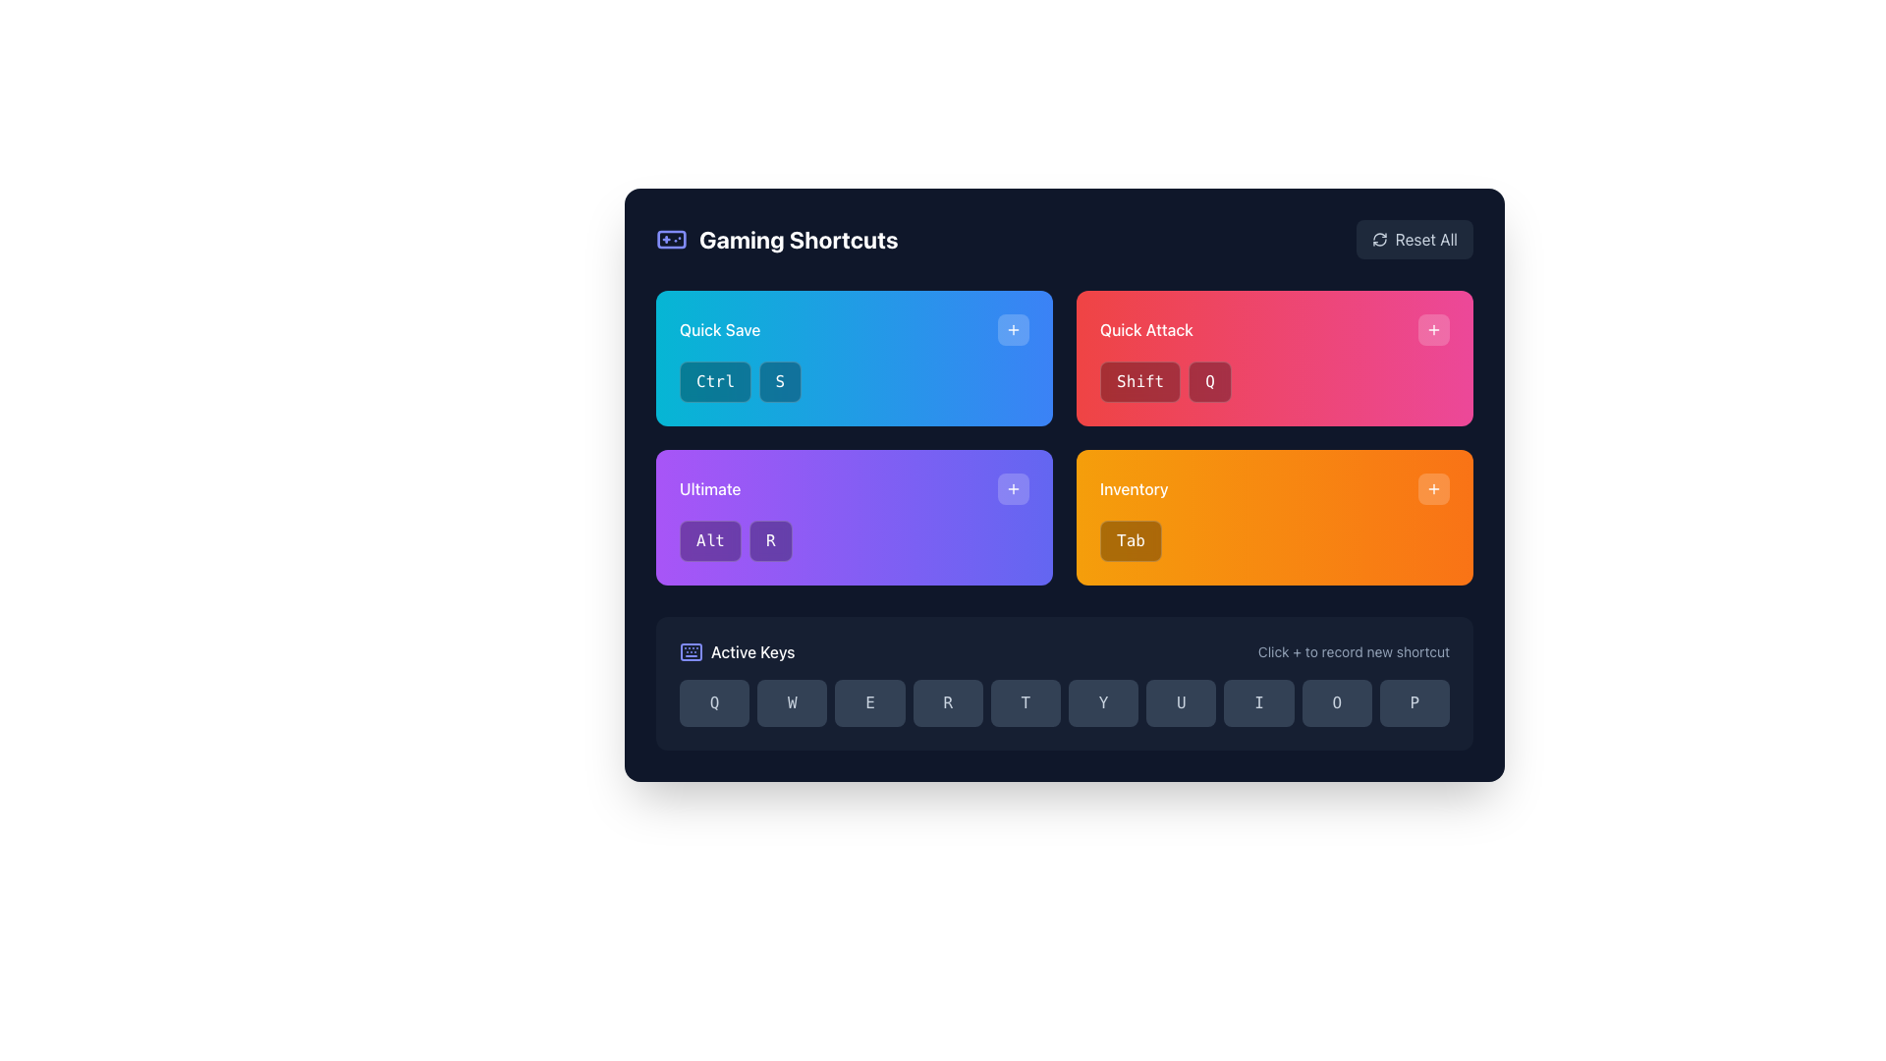  I want to click on the Icon button located in the bottom-right corner of the 'Inventory' shortcut tile, which has an orange background and the text 'Inventory' followed by the key 'Tab', to invoke its function, so click(1433, 487).